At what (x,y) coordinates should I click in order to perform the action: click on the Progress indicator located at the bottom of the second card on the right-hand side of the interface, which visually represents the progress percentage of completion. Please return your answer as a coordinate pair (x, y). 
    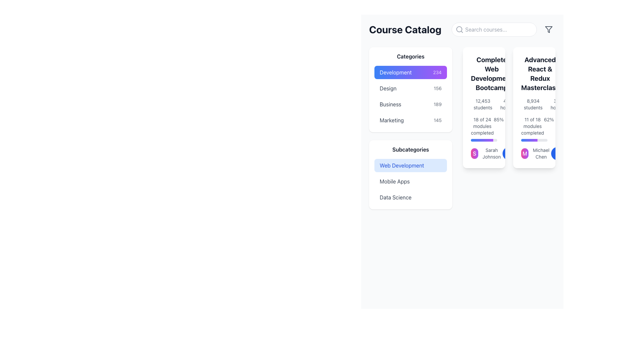
    Looking at the image, I should click on (529, 140).